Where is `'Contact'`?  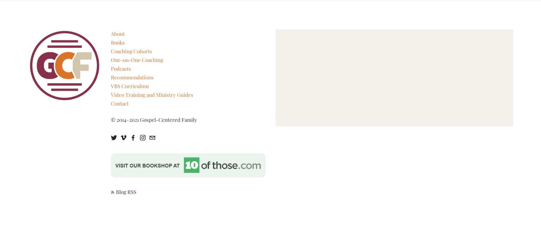 'Contact' is located at coordinates (119, 103).